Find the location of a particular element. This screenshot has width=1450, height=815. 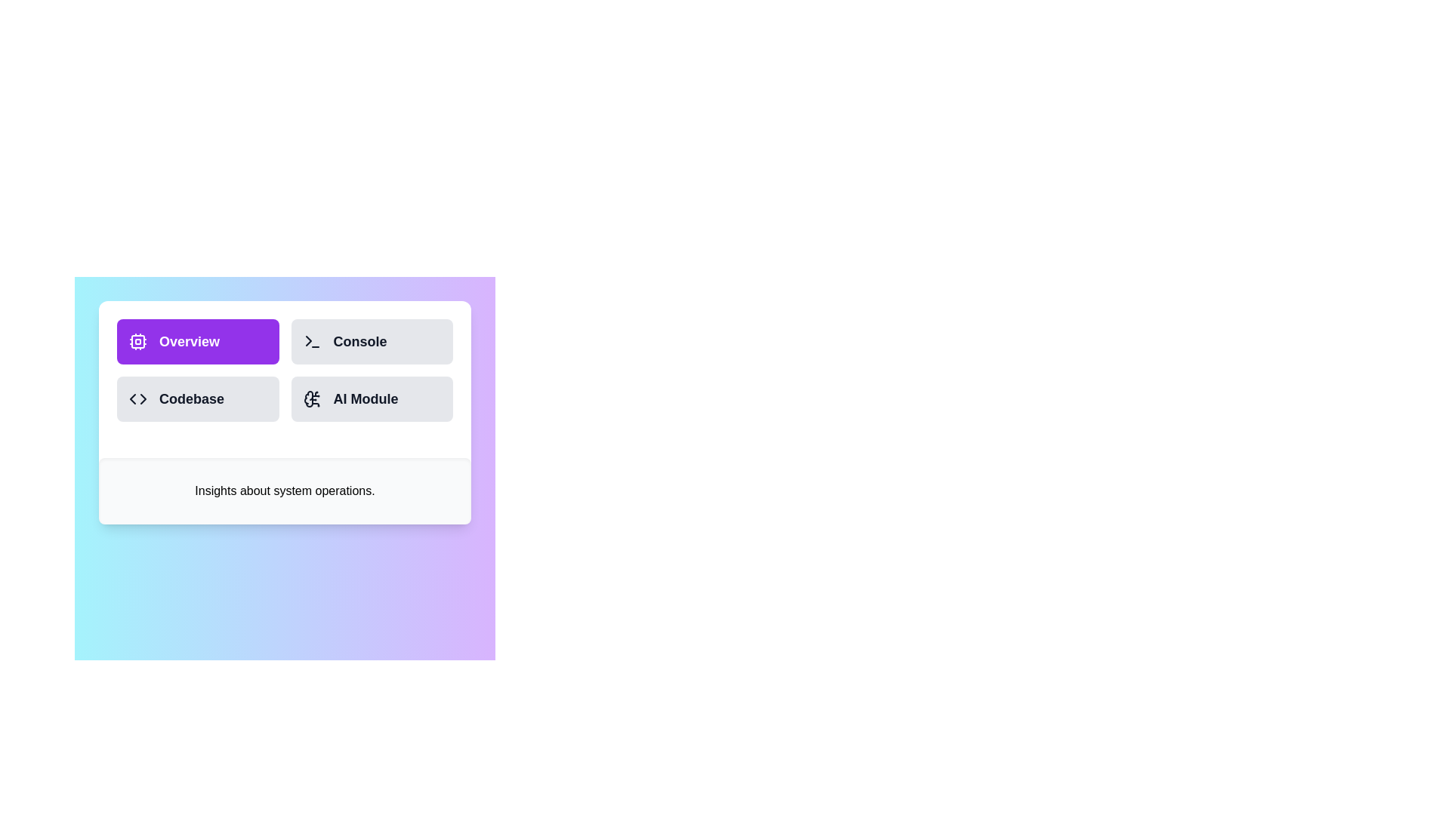

the menu option labeled 'Codebase' to view its content is located at coordinates (197, 398).